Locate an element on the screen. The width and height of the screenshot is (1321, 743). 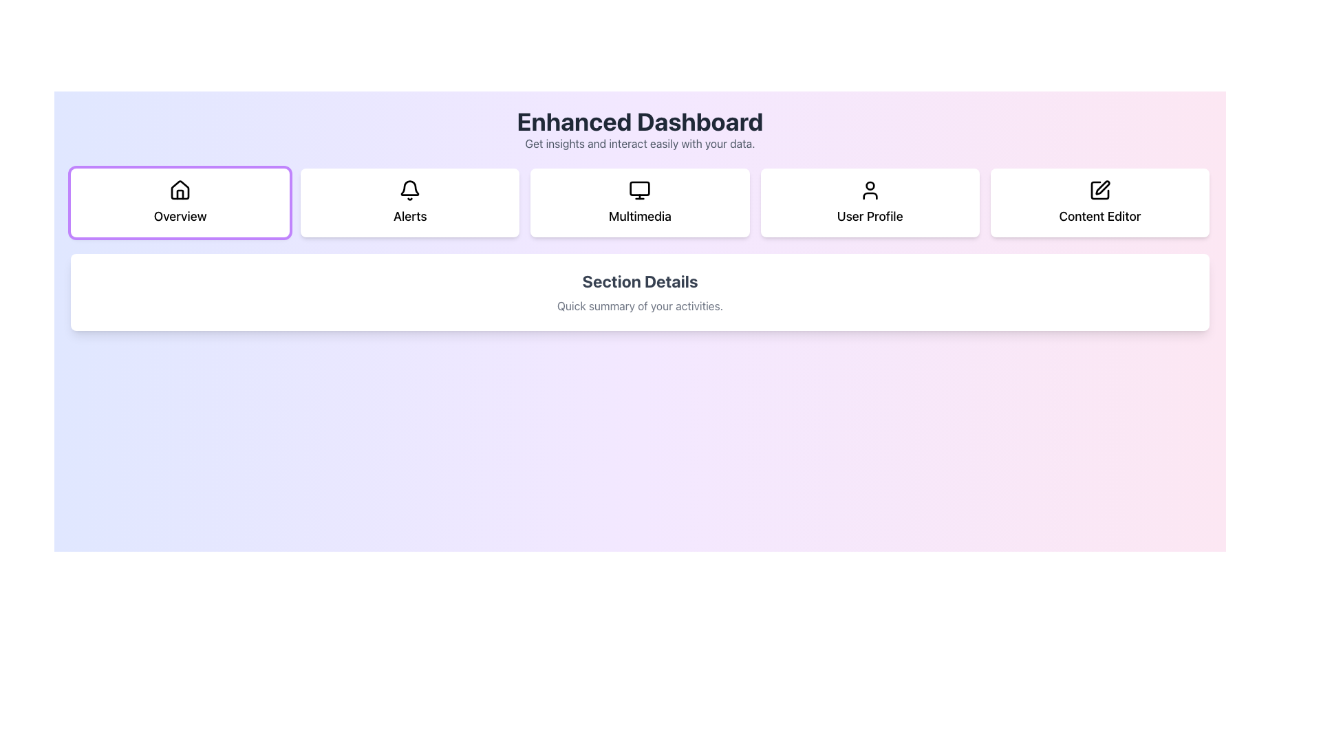
the Multimedia section icon located between the Alerts and User Profile sections, visually representing multimedia content is located at coordinates (639, 191).